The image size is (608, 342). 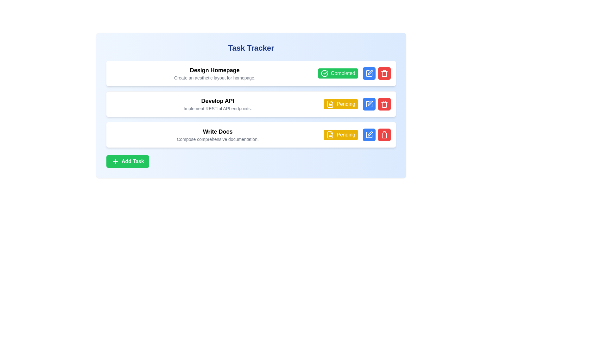 I want to click on the blue pen button in the horizontal action button group, so click(x=377, y=134).